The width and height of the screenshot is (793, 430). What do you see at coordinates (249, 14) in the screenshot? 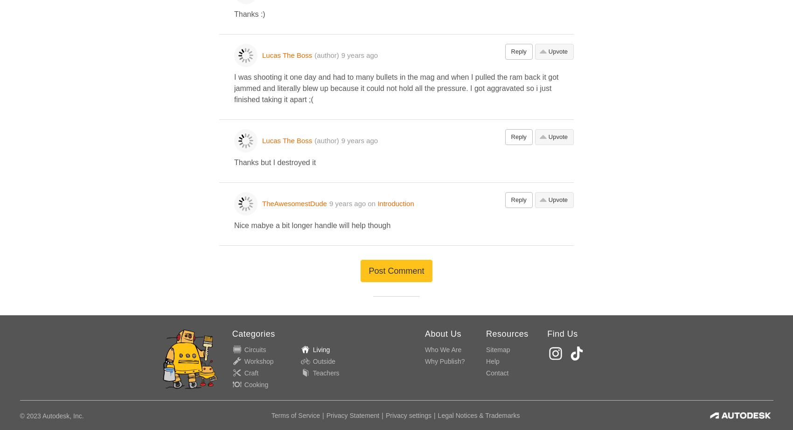
I see `'Thanks :)'` at bounding box center [249, 14].